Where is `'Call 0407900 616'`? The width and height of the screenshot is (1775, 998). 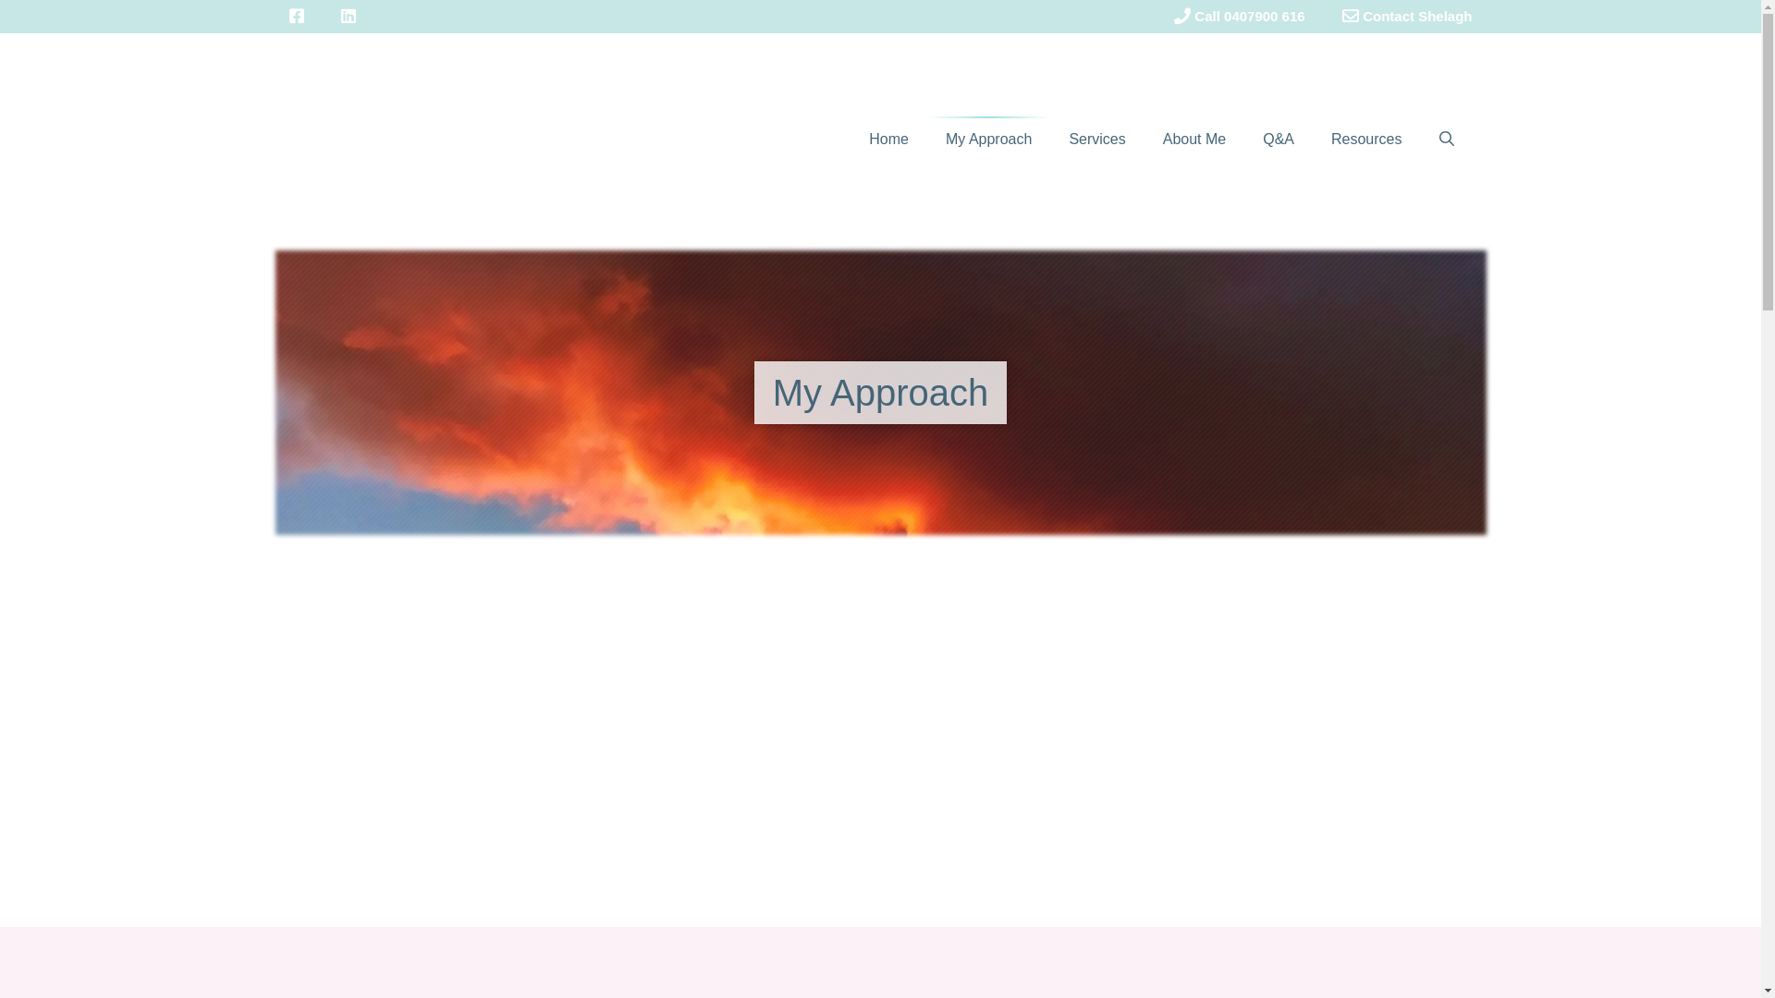 'Call 0407900 616' is located at coordinates (1154, 17).